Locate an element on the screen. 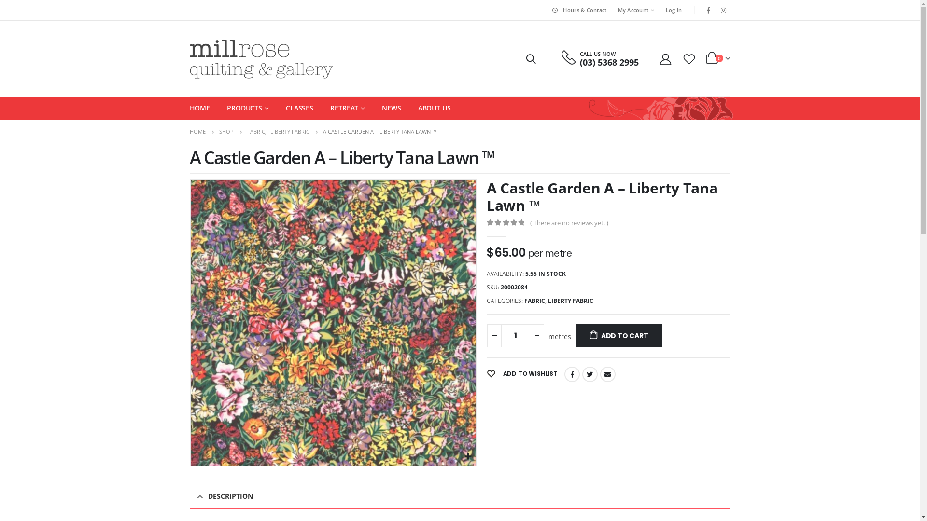 The image size is (927, 521). 'FABRIC' is located at coordinates (256, 132).